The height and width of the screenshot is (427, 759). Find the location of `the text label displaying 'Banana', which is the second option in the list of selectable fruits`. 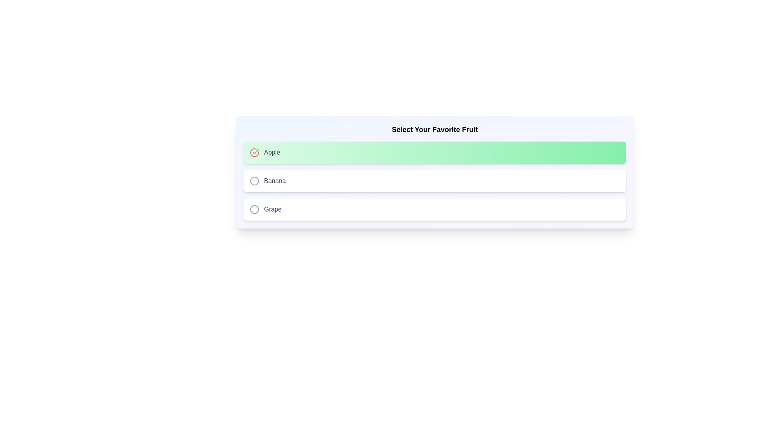

the text label displaying 'Banana', which is the second option in the list of selectable fruits is located at coordinates (275, 181).